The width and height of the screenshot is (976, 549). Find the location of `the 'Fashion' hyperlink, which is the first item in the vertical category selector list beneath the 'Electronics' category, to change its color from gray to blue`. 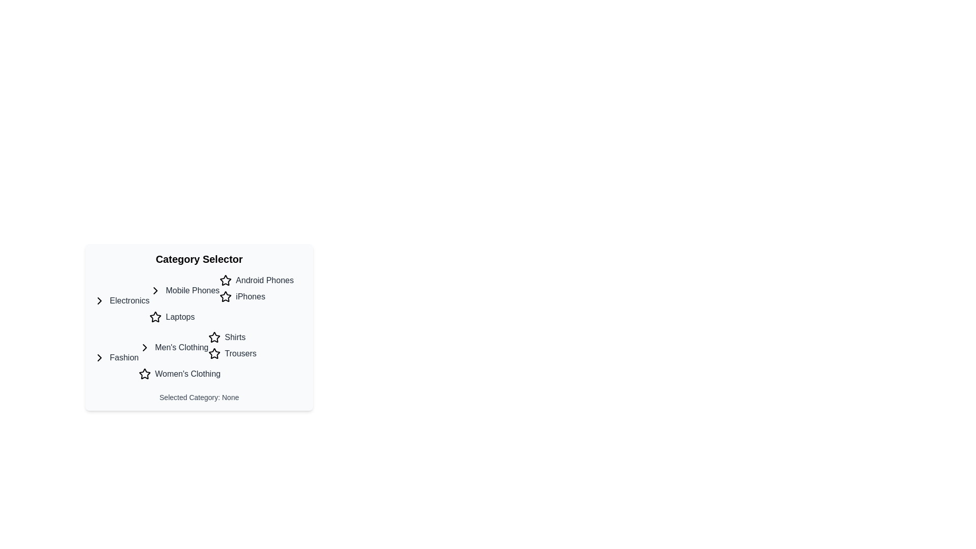

the 'Fashion' hyperlink, which is the first item in the vertical category selector list beneath the 'Electronics' category, to change its color from gray to blue is located at coordinates (124, 357).